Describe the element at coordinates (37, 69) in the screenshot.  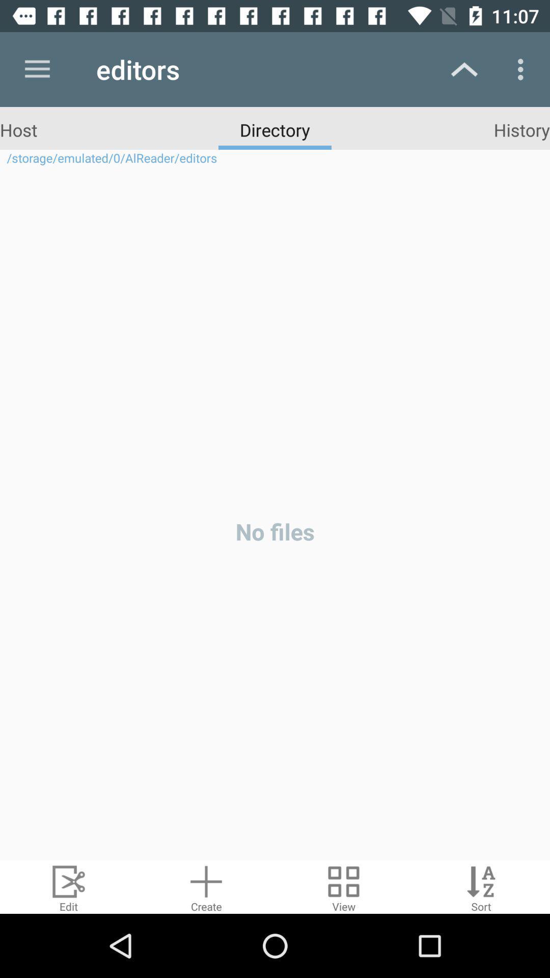
I see `icon next to editors icon` at that location.